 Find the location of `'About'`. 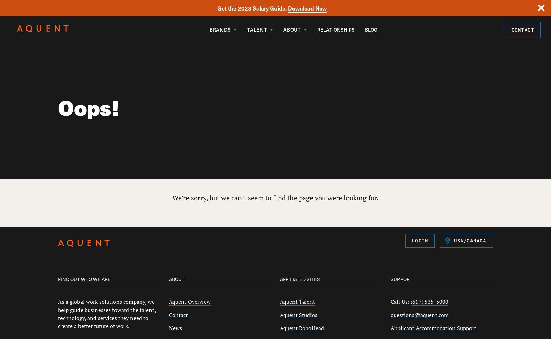

'About' is located at coordinates (292, 29).